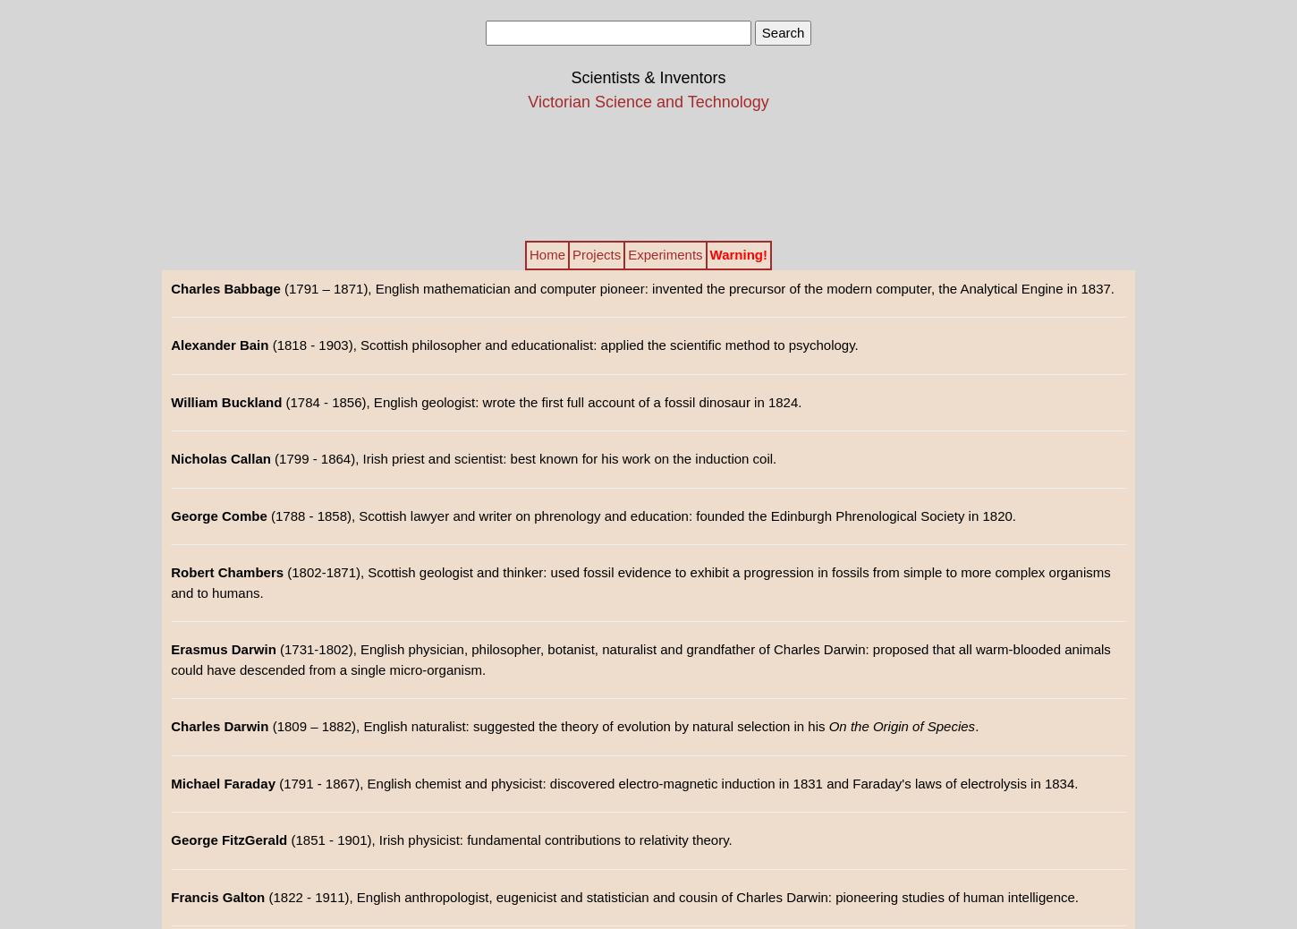  I want to click on '(1731-1802), English physician, philosopher, botanist, naturalist and grandfather of Charles Darwin: proposed that all warm-blooded animals could have descended from a single micro-organism.', so click(640, 658).